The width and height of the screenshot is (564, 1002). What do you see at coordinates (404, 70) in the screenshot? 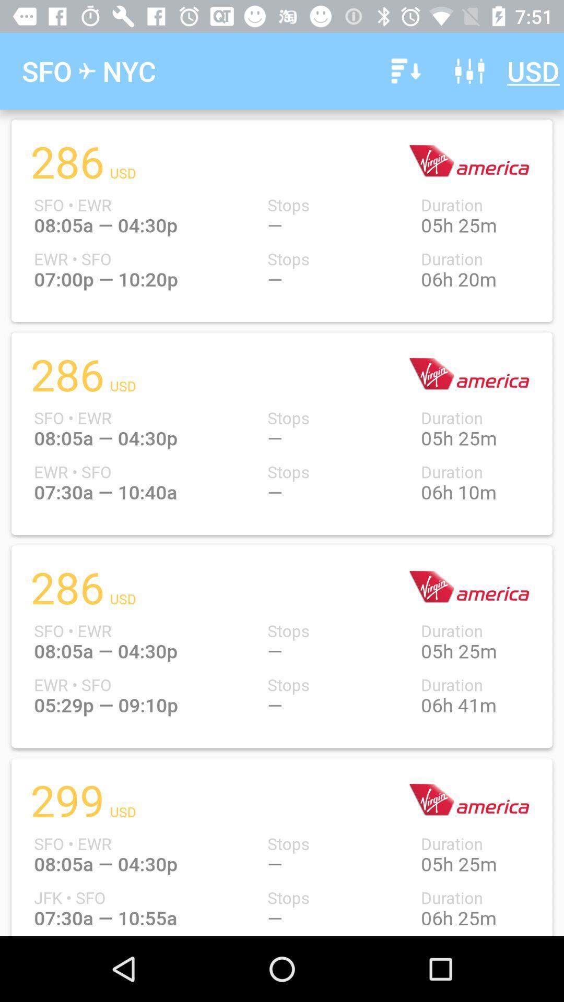
I see `the icon to the right of the nyc` at bounding box center [404, 70].